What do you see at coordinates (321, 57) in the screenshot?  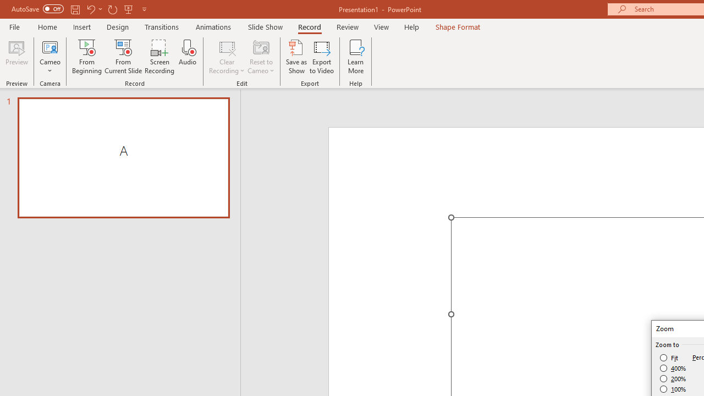 I see `'Export to Video'` at bounding box center [321, 57].